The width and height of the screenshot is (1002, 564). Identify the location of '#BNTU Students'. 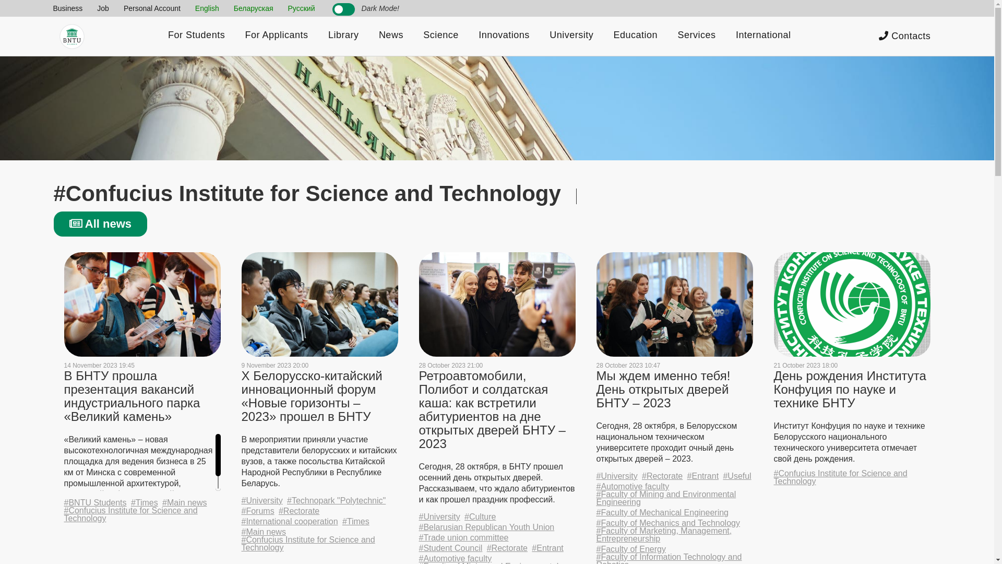
(95, 502).